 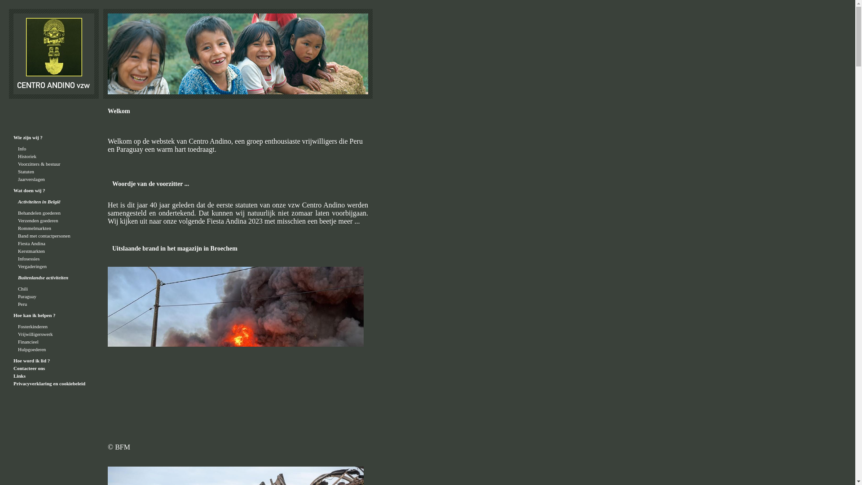 I want to click on 'Voorzitters & bestuur', so click(x=39, y=164).